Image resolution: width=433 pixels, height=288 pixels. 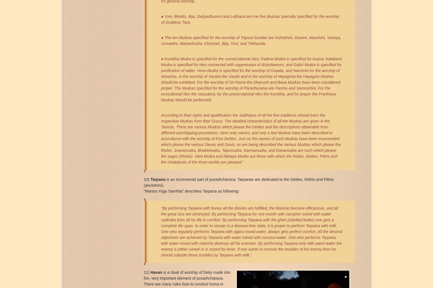 I want to click on '● The ten Mudras speciﬁed for the worship of Tripura-Sundari are Kshobhini, Dravini, Akarshini, Vashya, Unmadini, Mahankusha, Khechari, Bija, Yoni, and Trikhanda.', so click(x=161, y=40).